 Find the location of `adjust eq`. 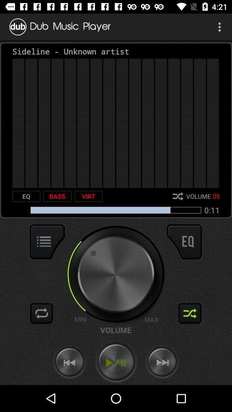

adjust eq is located at coordinates (184, 242).